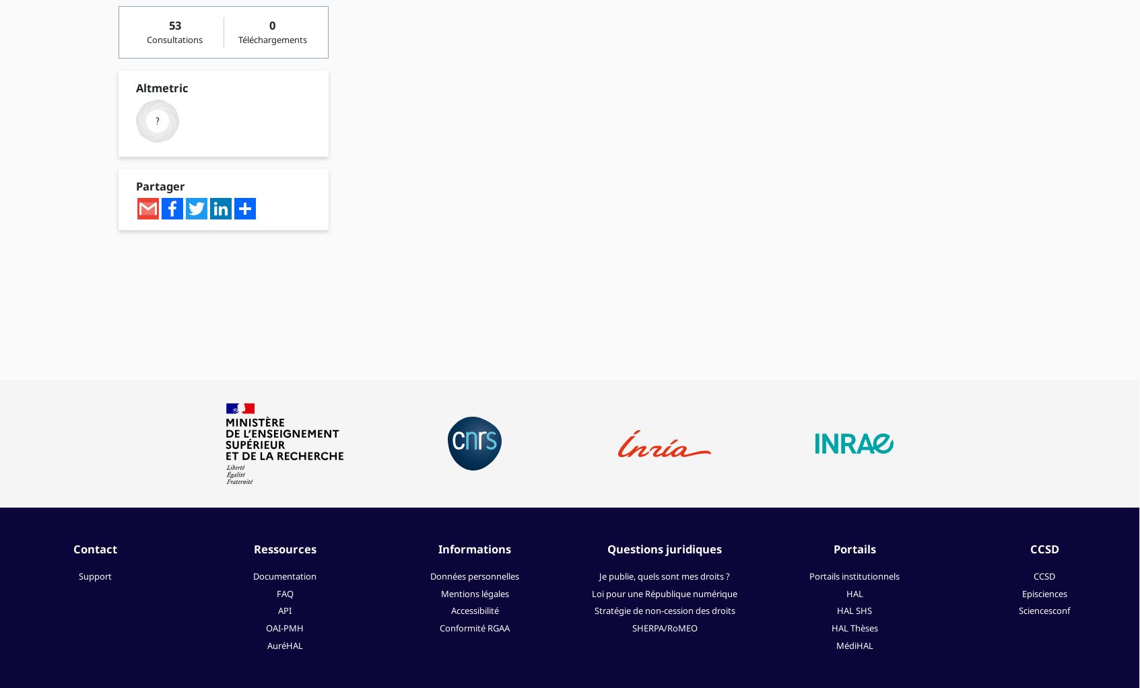 This screenshot has width=1140, height=688. What do you see at coordinates (135, 87) in the screenshot?
I see `'Altmetric'` at bounding box center [135, 87].